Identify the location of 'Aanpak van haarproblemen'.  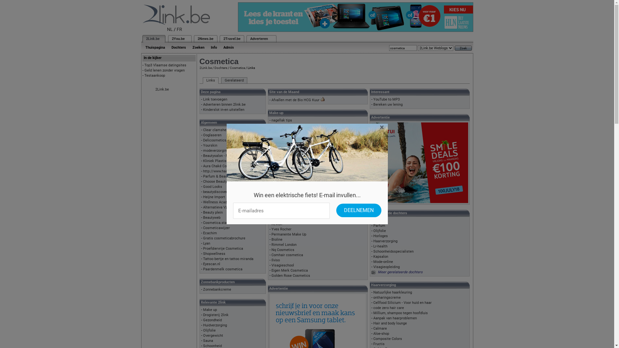
(395, 318).